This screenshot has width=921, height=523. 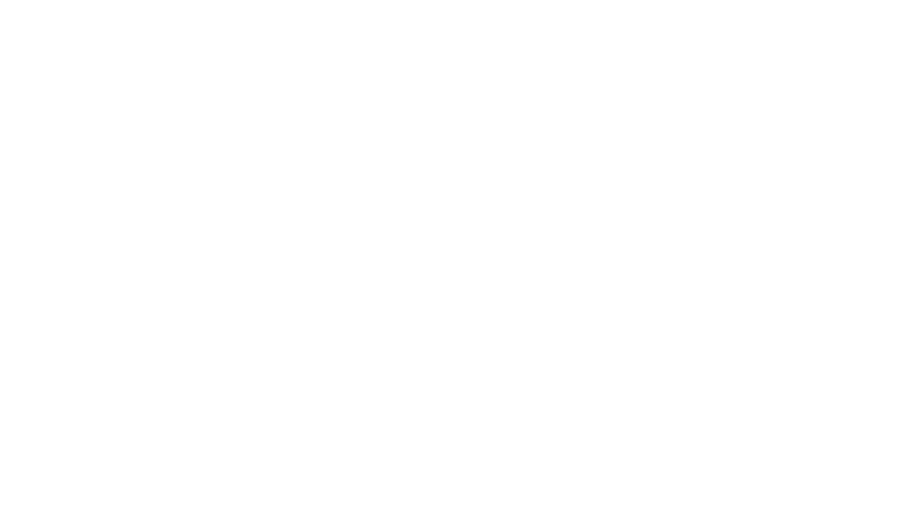 What do you see at coordinates (537, 408) in the screenshot?
I see `'Contact'` at bounding box center [537, 408].